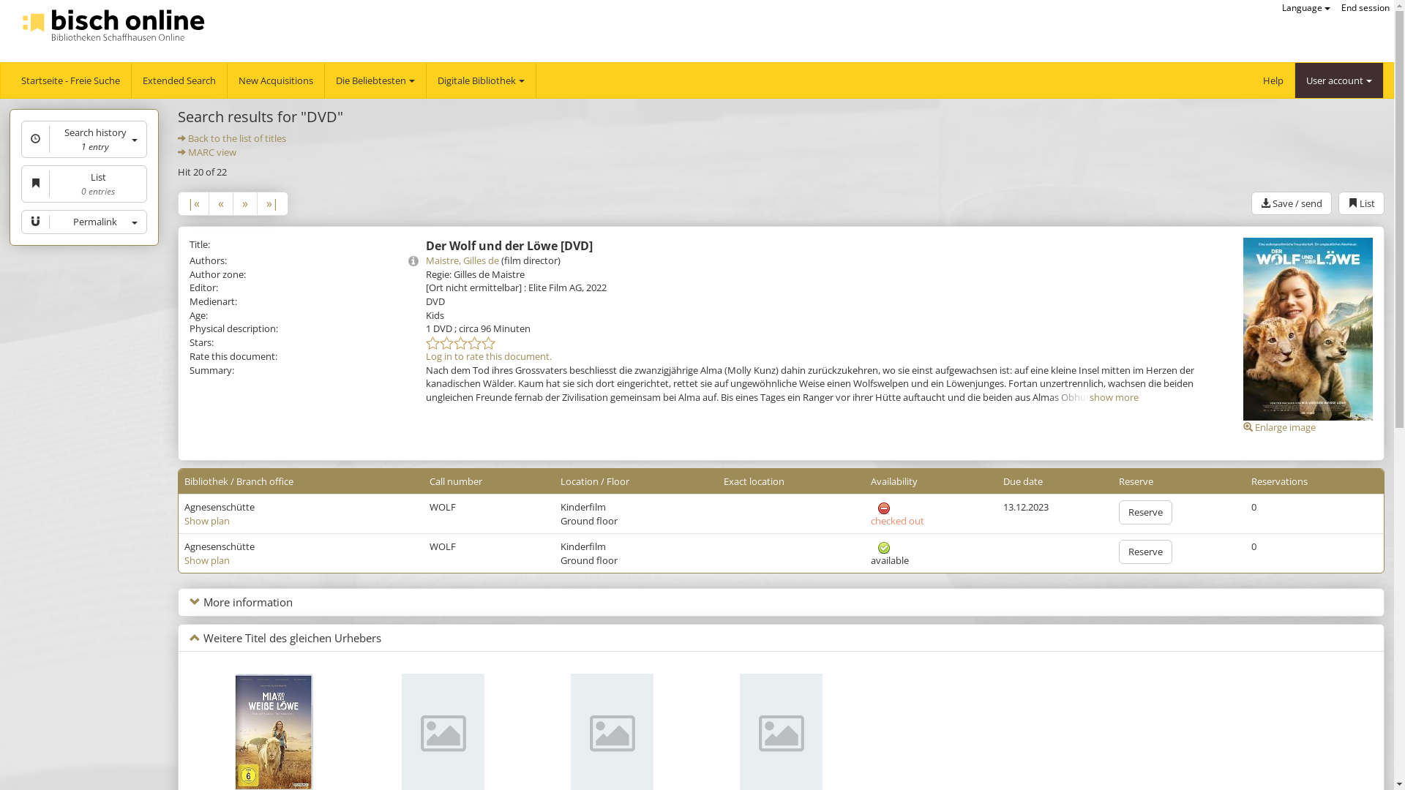  Describe the element at coordinates (754, 481) in the screenshot. I see `'Exact location'` at that location.